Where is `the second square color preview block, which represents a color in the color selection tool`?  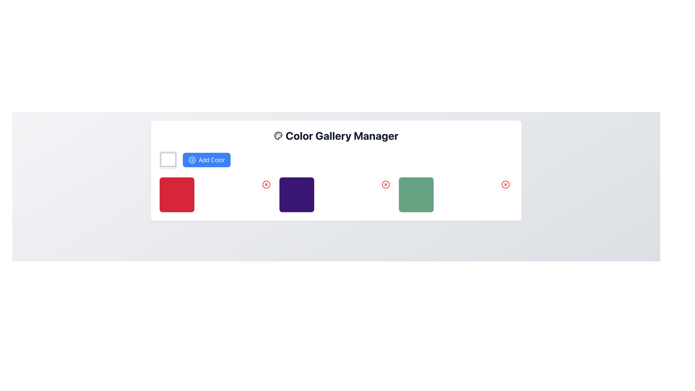
the second square color preview block, which represents a color in the color selection tool is located at coordinates (296, 194).